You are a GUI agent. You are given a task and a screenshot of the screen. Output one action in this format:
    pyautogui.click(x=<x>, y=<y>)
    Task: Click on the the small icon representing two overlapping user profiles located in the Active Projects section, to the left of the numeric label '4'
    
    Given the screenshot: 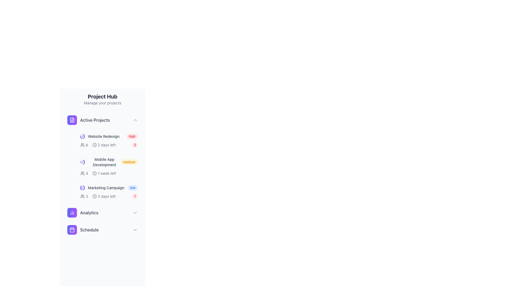 What is the action you would take?
    pyautogui.click(x=82, y=173)
    